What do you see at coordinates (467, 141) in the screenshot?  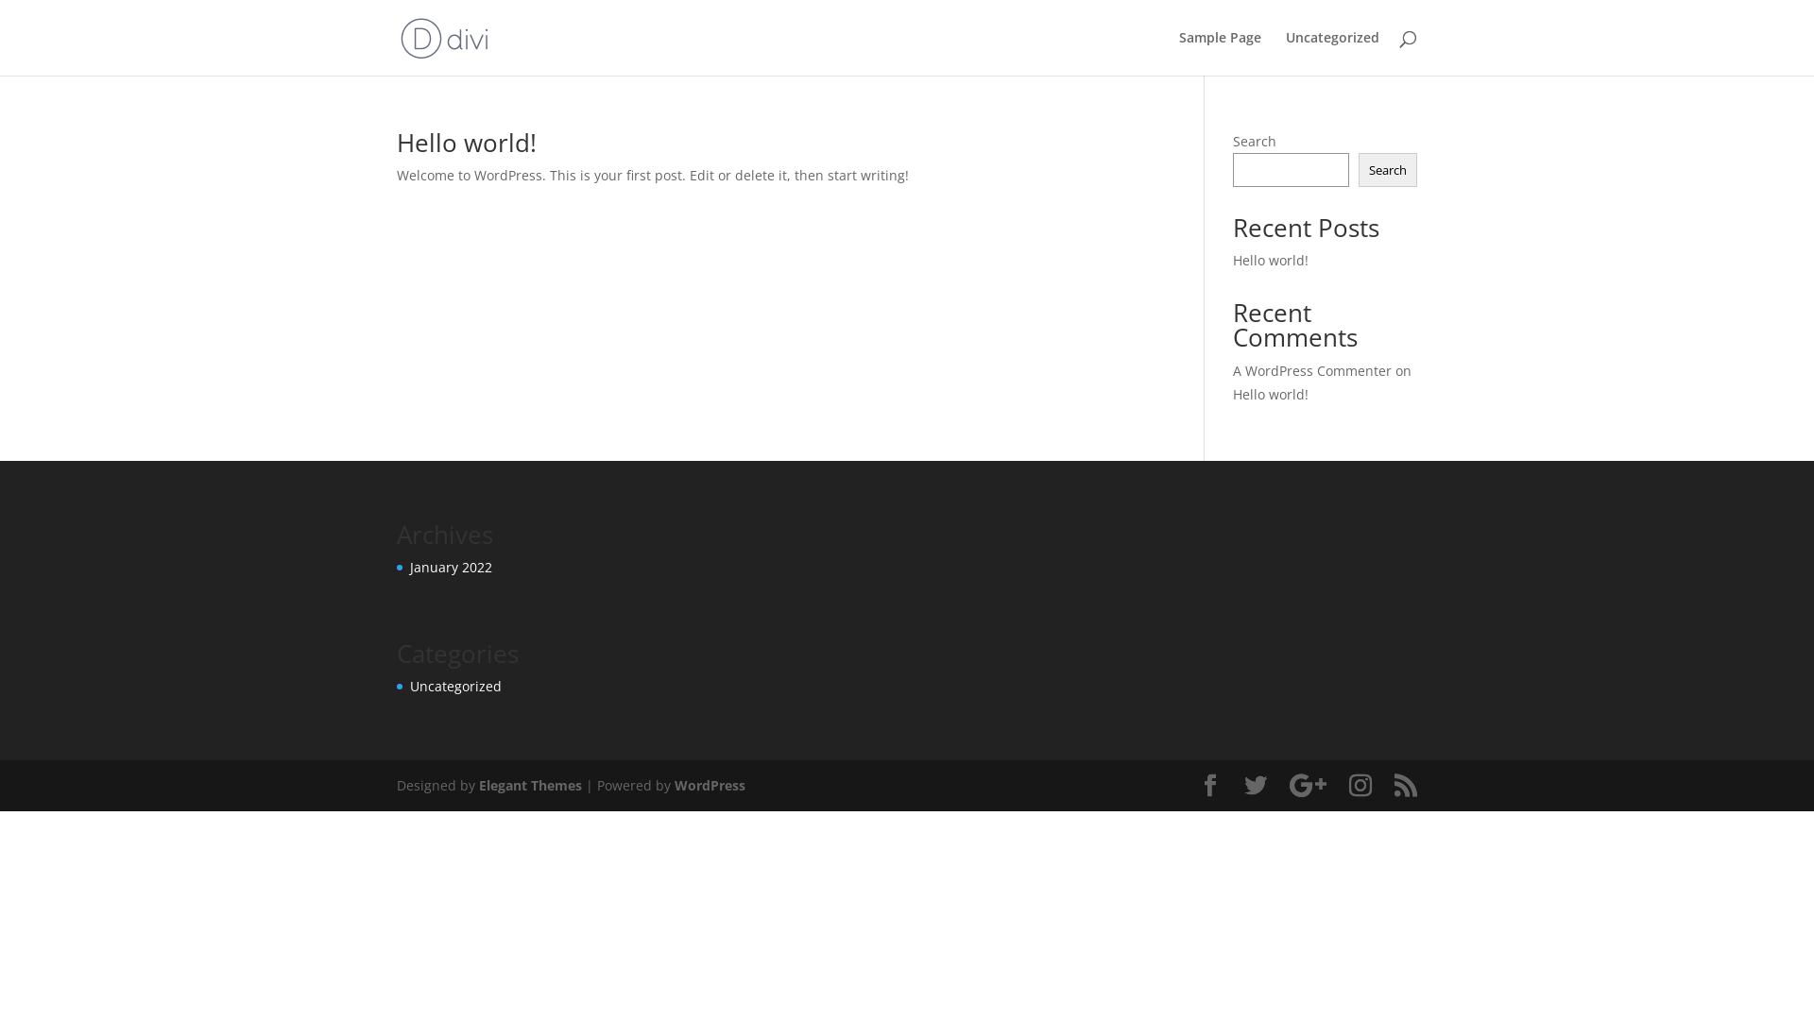 I see `'Hello world!'` at bounding box center [467, 141].